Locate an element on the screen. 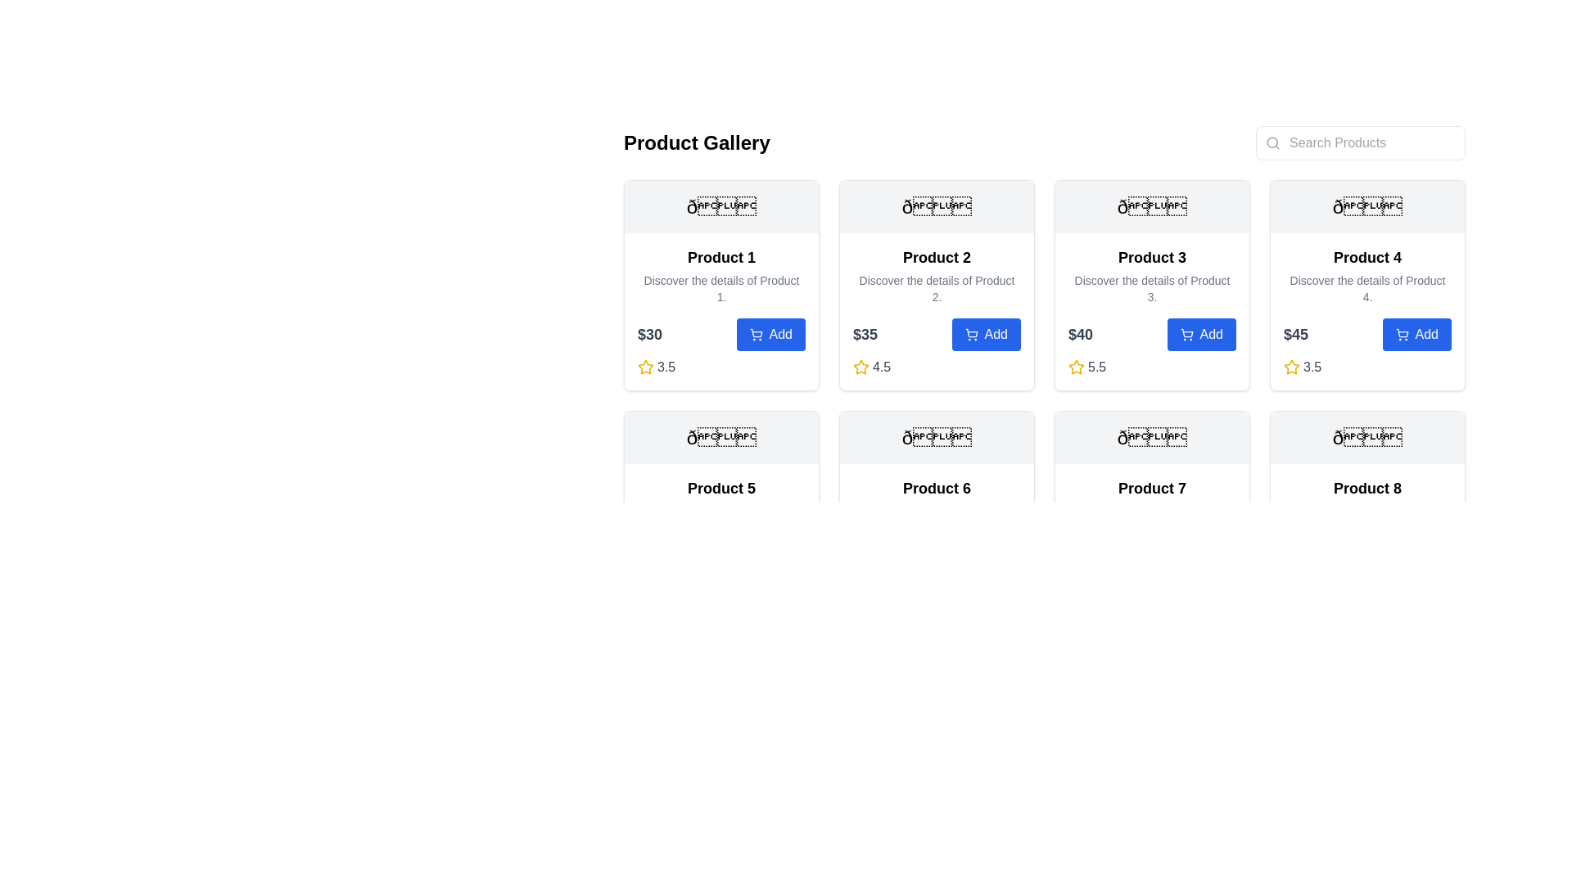 This screenshot has height=884, width=1572. the star icon indicating a 4.5 rating located in the Product 2 card of the product gallery, situated in the second column of the first row is located at coordinates (860, 366).